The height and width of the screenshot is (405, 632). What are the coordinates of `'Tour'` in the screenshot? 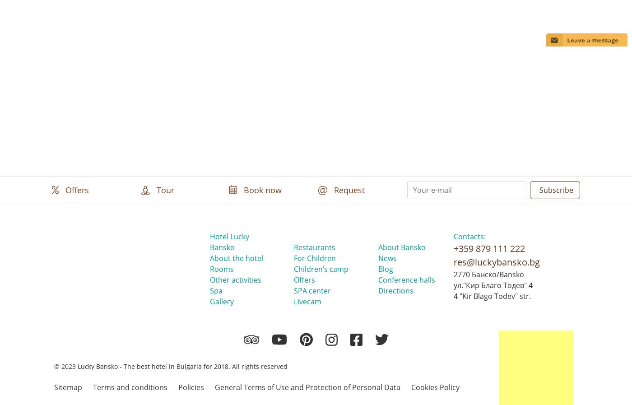 It's located at (164, 189).